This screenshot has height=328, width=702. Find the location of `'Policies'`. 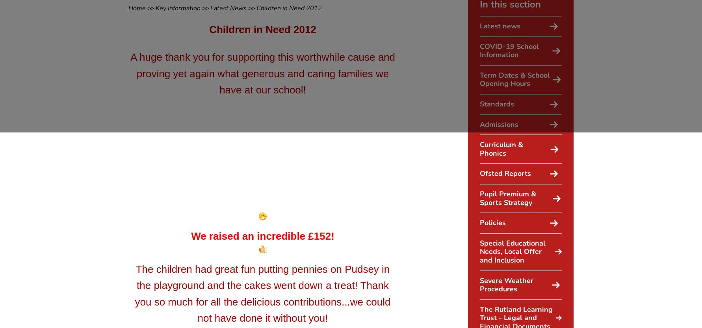

'Policies' is located at coordinates (479, 223).